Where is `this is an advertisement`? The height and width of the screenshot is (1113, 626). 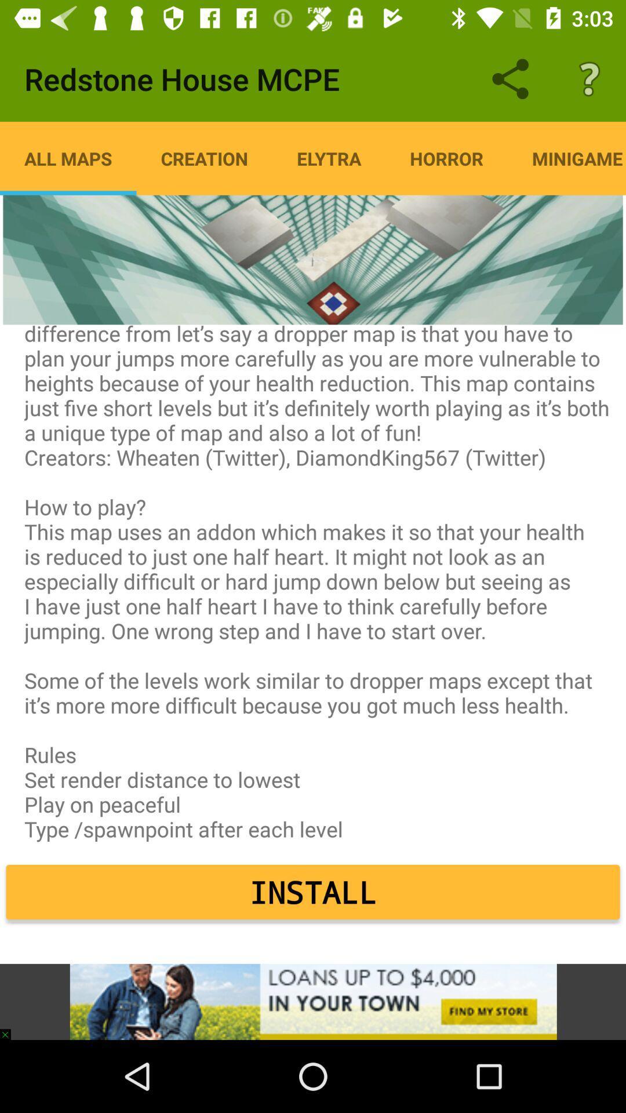
this is an advertisement is located at coordinates (313, 1001).